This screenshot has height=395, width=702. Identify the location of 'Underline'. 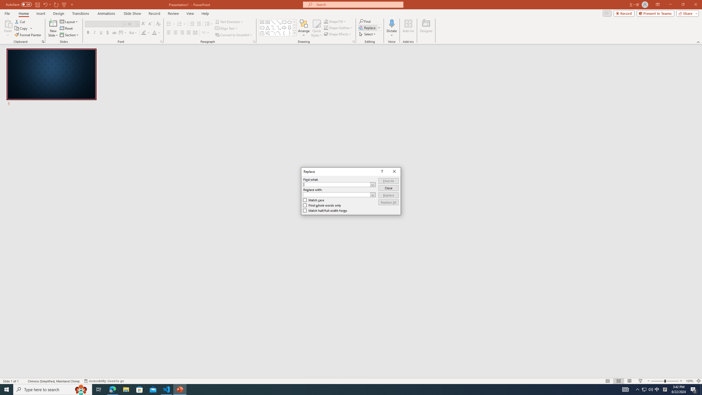
(101, 32).